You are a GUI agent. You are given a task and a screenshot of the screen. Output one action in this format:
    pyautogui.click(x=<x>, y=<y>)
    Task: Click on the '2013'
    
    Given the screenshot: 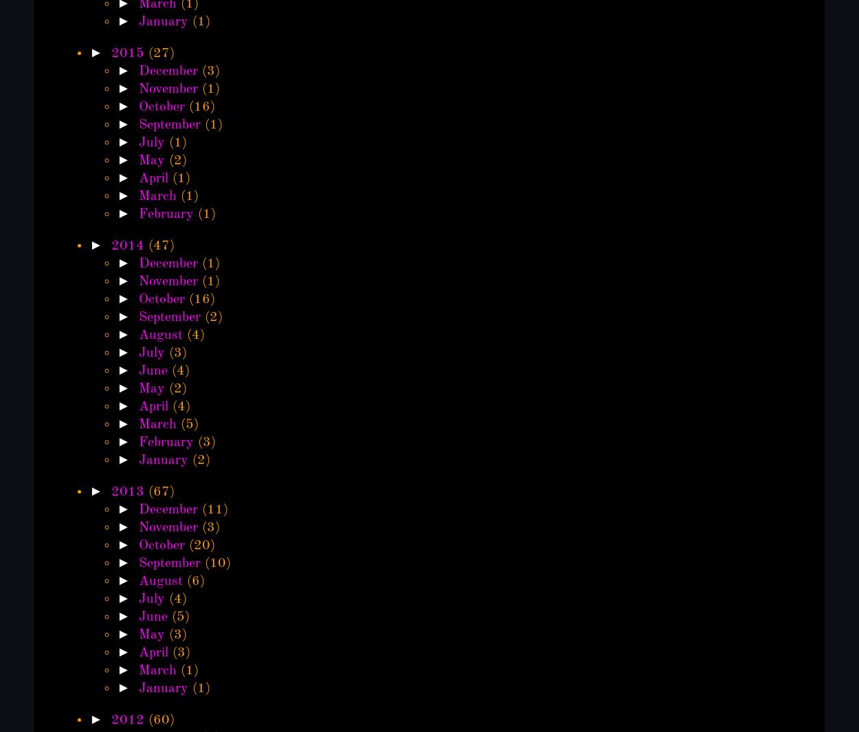 What is the action you would take?
    pyautogui.click(x=127, y=491)
    